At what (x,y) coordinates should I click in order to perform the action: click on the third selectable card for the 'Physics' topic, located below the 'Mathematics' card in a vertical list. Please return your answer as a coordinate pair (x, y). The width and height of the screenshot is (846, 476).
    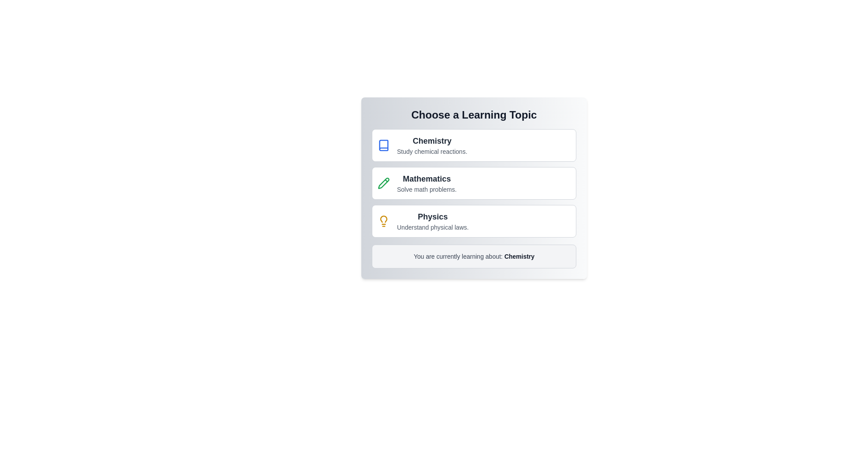
    Looking at the image, I should click on (473, 220).